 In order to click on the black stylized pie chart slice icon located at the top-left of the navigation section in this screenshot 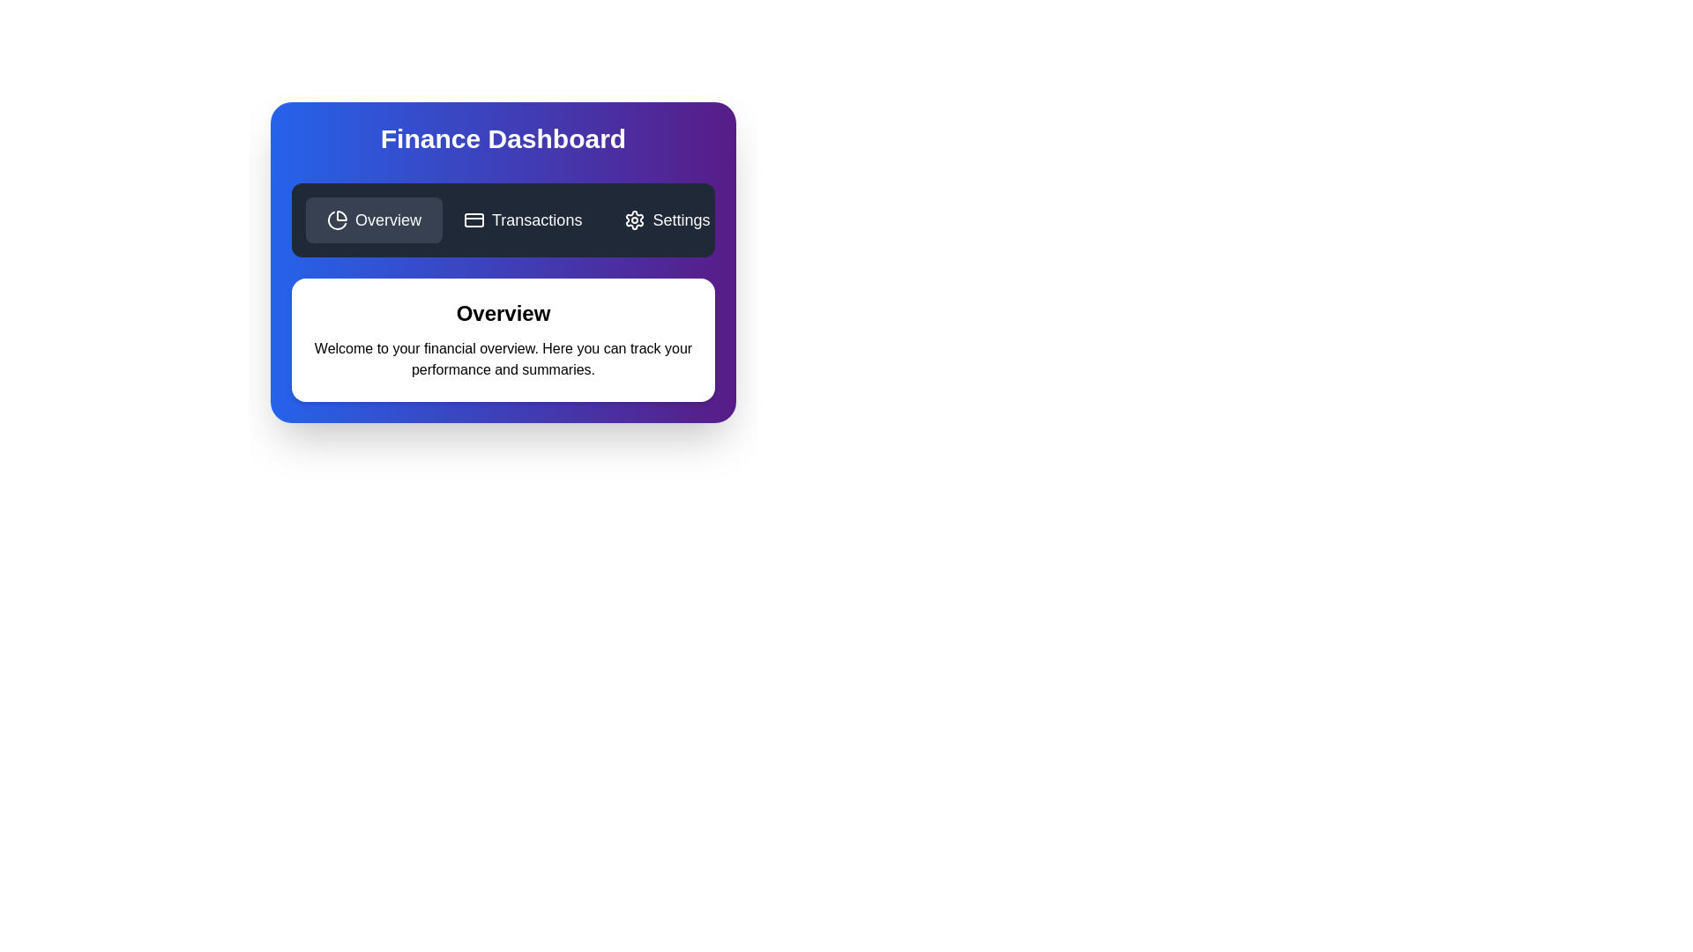, I will do `click(337, 219)`.